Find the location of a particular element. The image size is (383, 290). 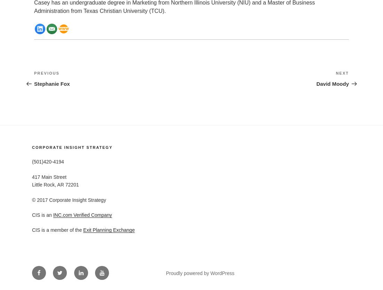

'David Moody' is located at coordinates (316, 84).